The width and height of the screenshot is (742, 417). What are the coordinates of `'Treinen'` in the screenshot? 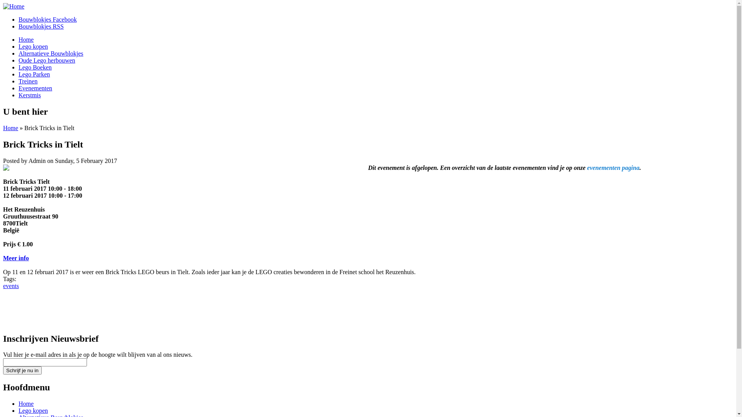 It's located at (28, 81).